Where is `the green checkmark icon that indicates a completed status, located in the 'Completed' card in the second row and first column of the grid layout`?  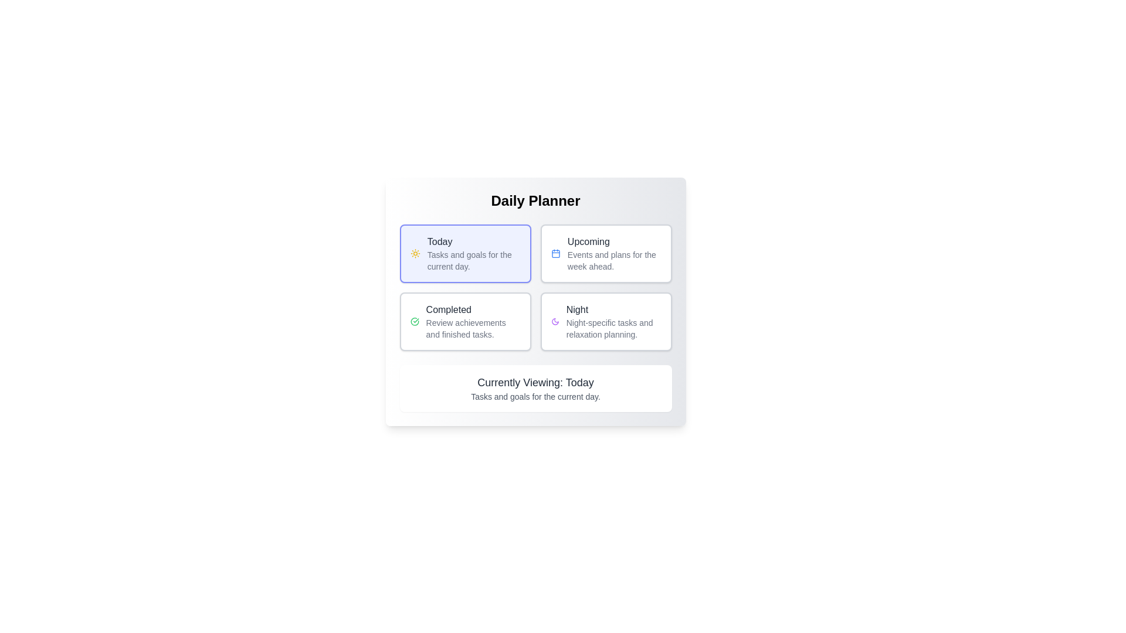
the green checkmark icon that indicates a completed status, located in the 'Completed' card in the second row and first column of the grid layout is located at coordinates (414, 321).